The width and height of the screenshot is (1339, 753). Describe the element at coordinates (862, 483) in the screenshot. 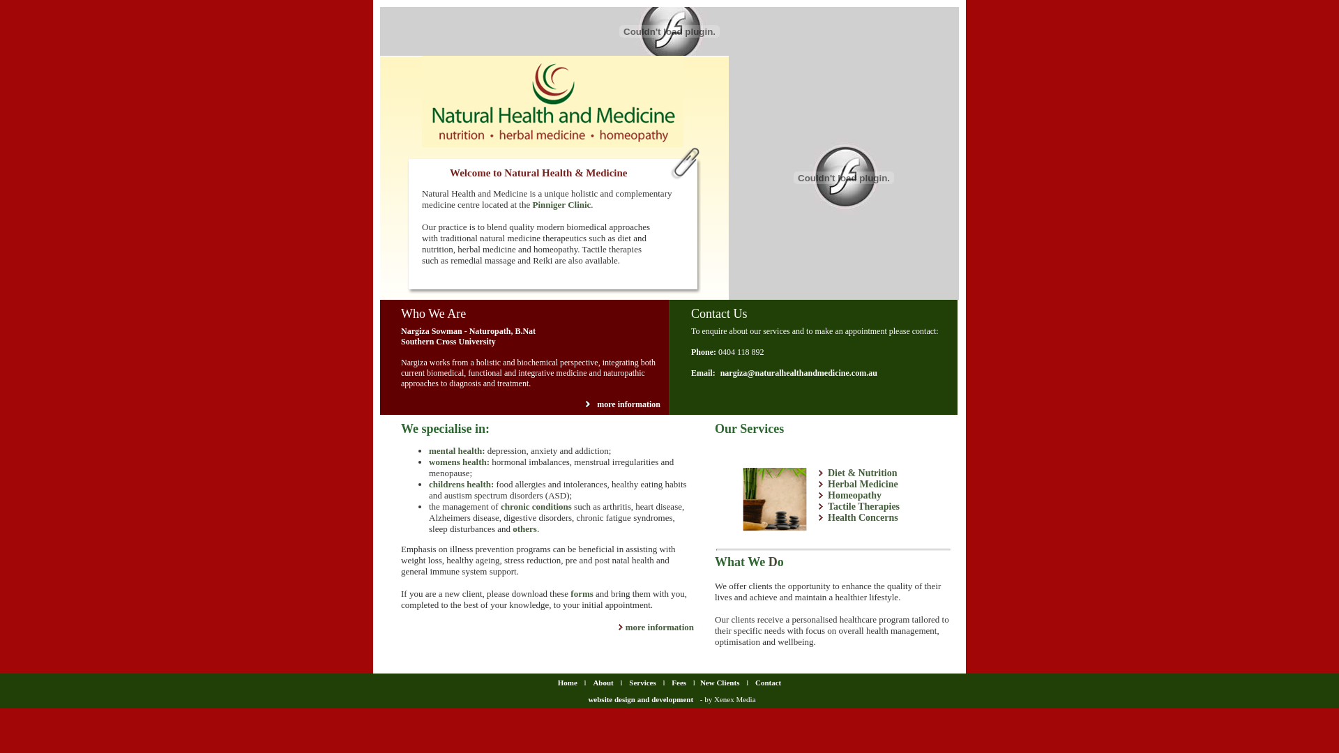

I see `'Herbal Medicine'` at that location.